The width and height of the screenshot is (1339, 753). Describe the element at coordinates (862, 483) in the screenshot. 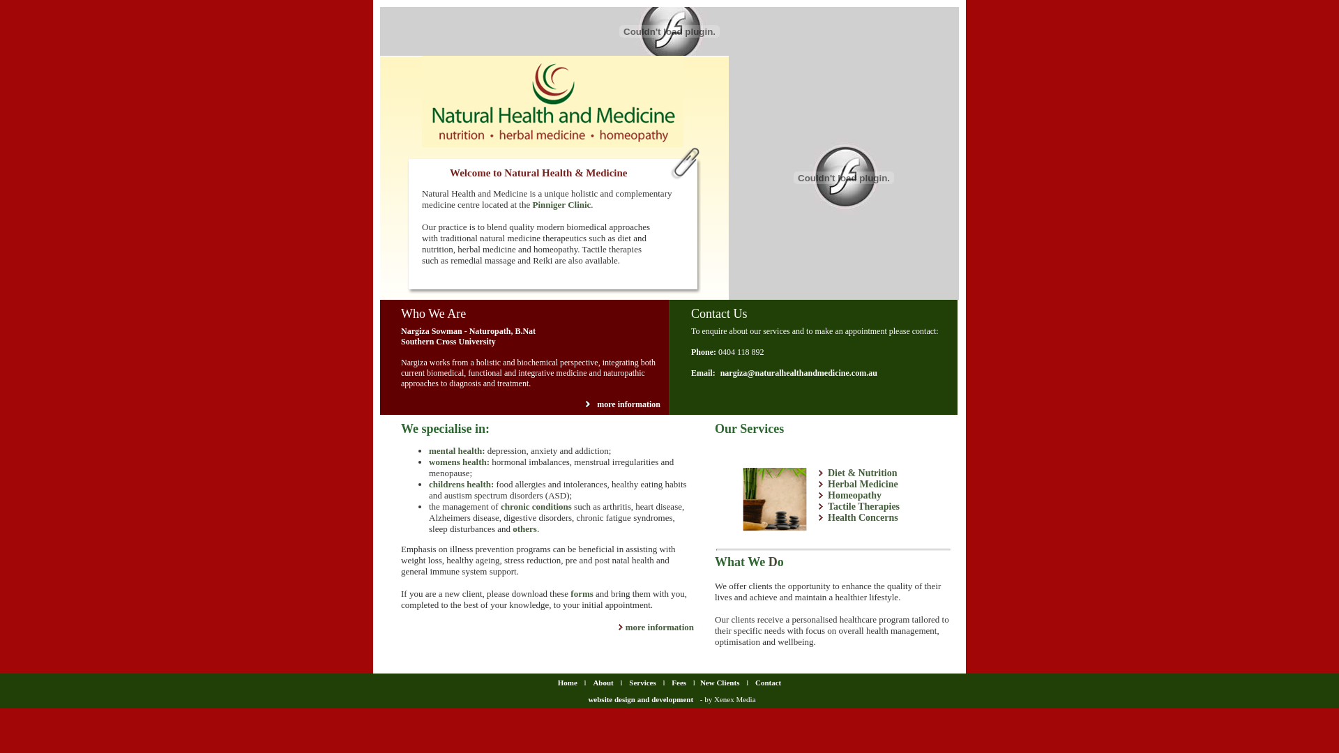

I see `'Herbal Medicine'` at that location.